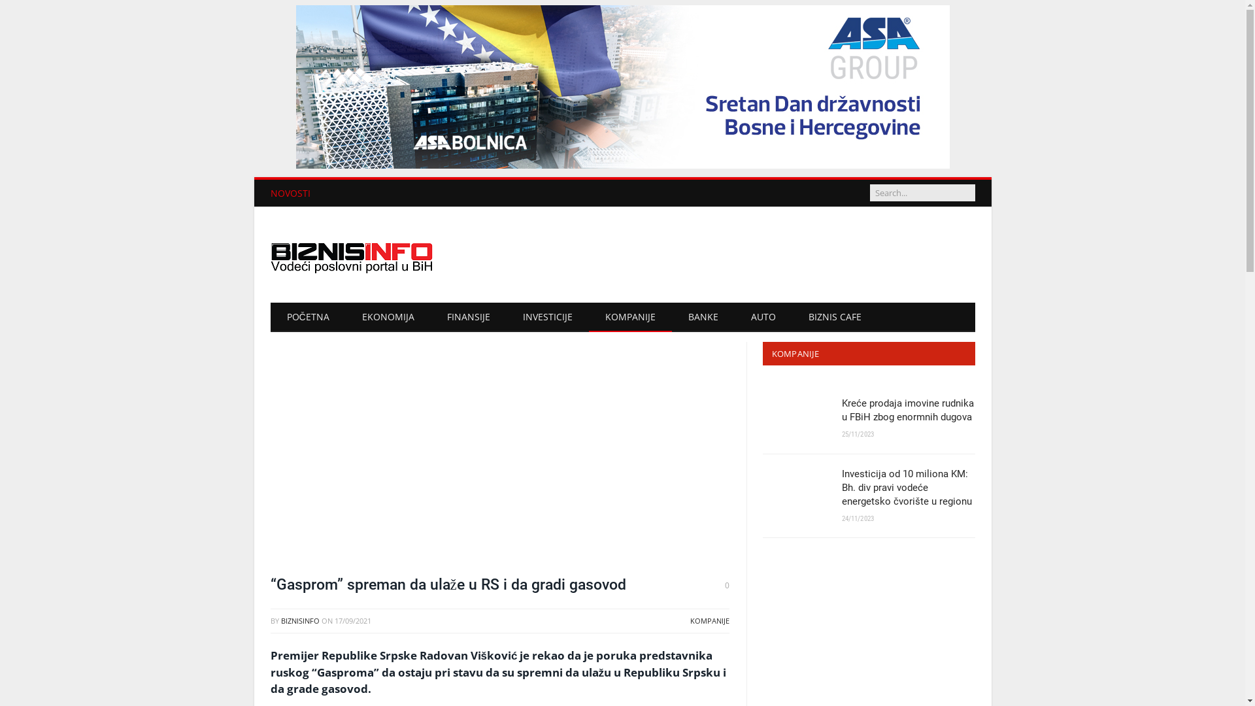 The image size is (1255, 706). Describe the element at coordinates (763, 317) in the screenshot. I see `'AUTO'` at that location.